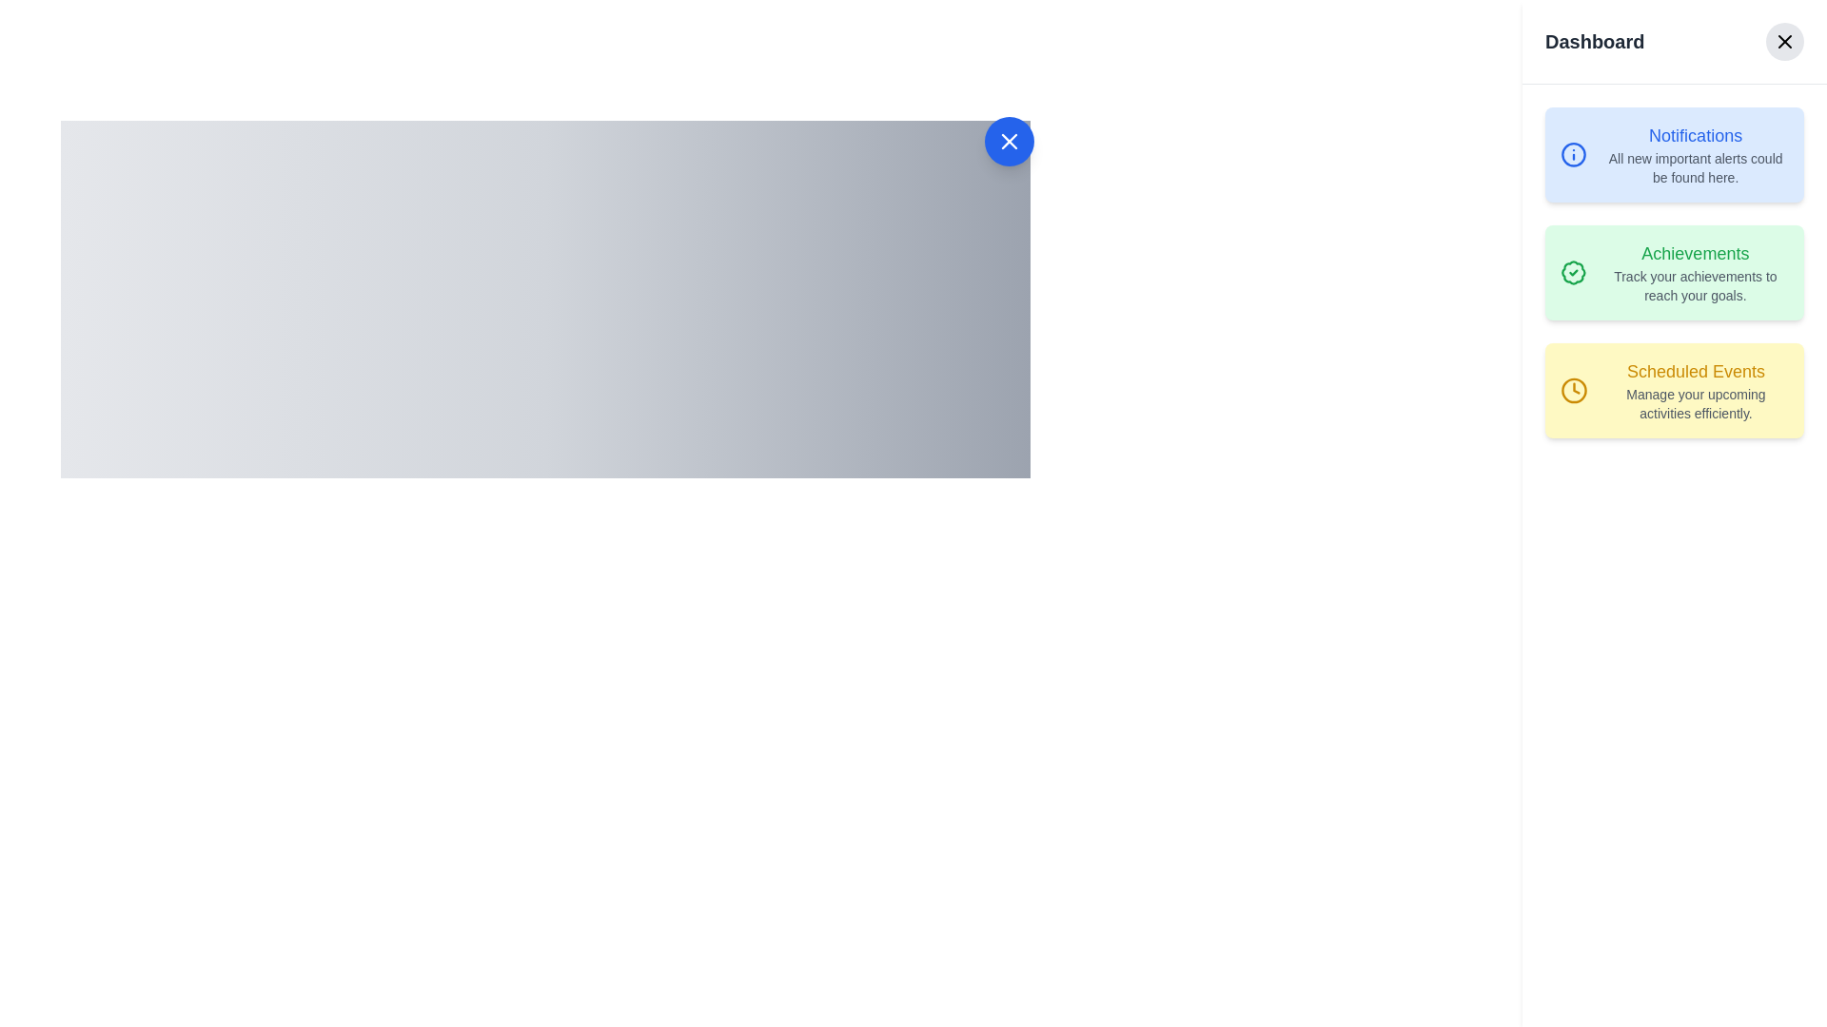 The image size is (1827, 1027). I want to click on the circular icon with a blue outline and central dot, located next to the 'Notifications' text in a blue box, so click(1574, 153).